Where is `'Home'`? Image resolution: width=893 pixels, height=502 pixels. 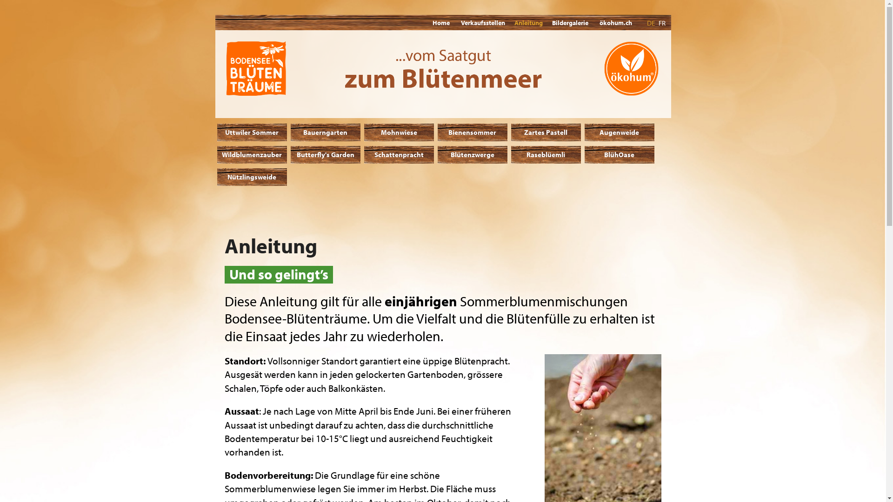 'Home' is located at coordinates (440, 23).